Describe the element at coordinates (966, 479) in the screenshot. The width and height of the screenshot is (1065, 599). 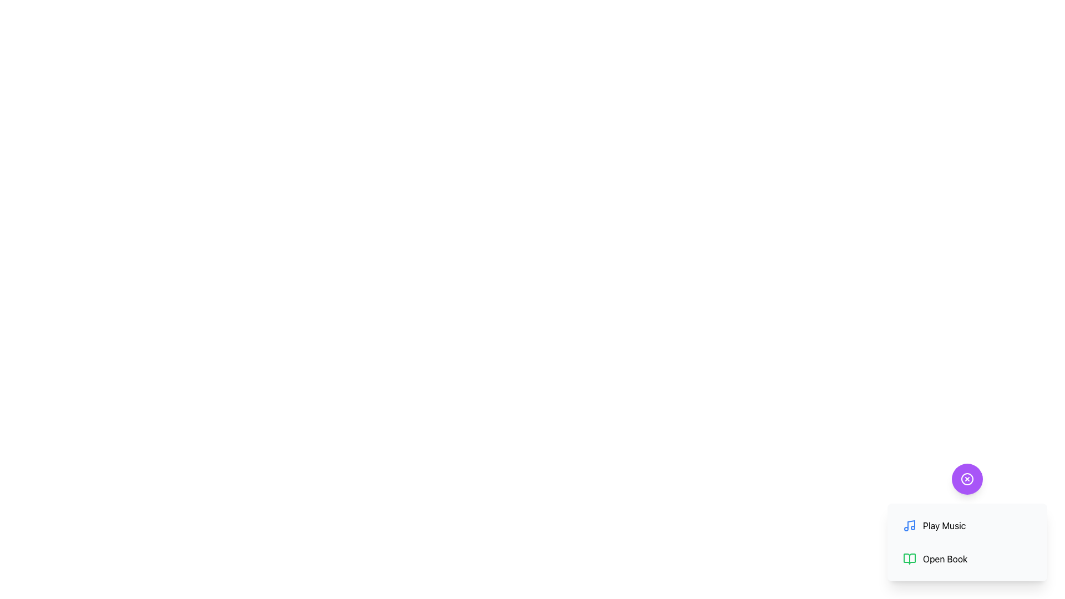
I see `the rounded purple button with a circular icon and cross design to observe the hover effects` at that location.